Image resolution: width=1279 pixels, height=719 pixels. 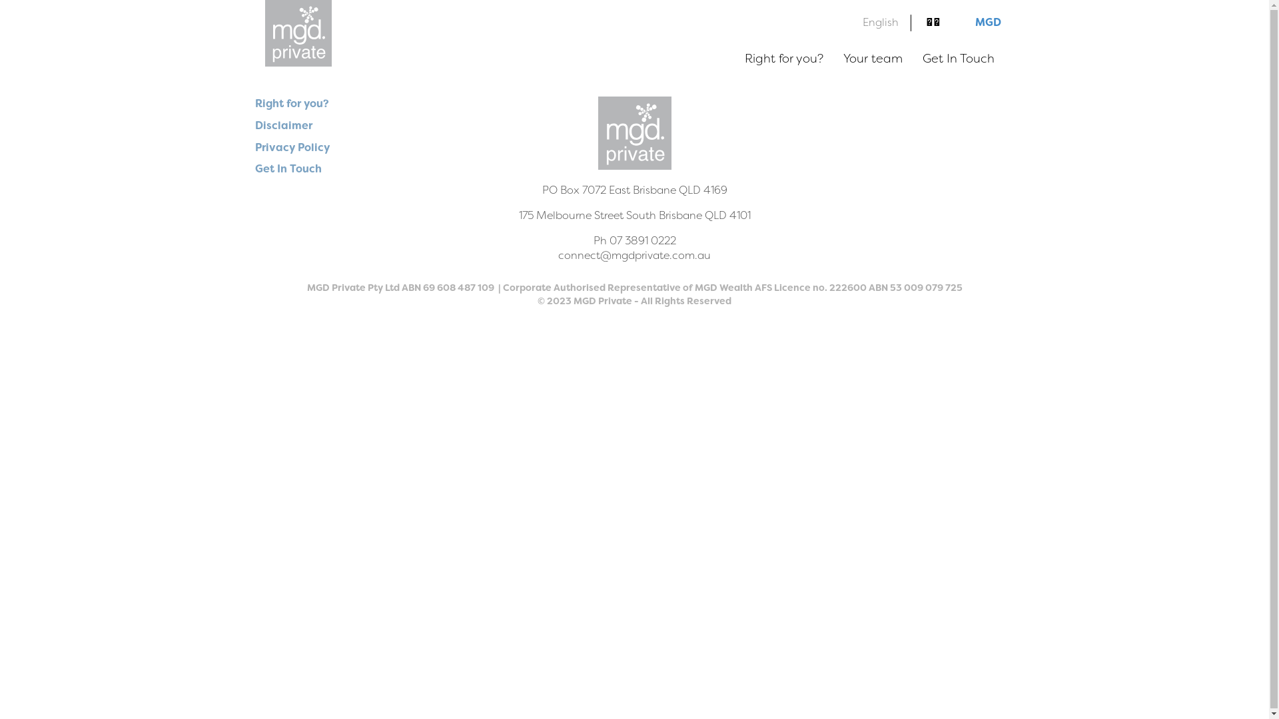 I want to click on 'Your team', so click(x=872, y=58).